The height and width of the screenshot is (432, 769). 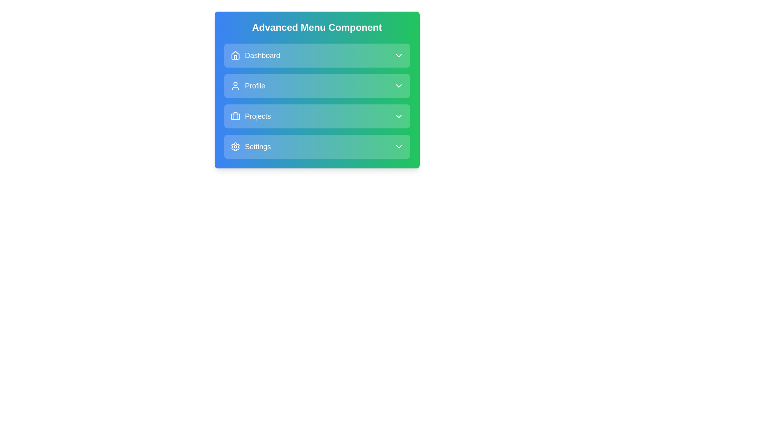 What do you see at coordinates (316, 116) in the screenshot?
I see `the interactive menu item for 'Projects' located within the 'Advanced Menu Component'` at bounding box center [316, 116].